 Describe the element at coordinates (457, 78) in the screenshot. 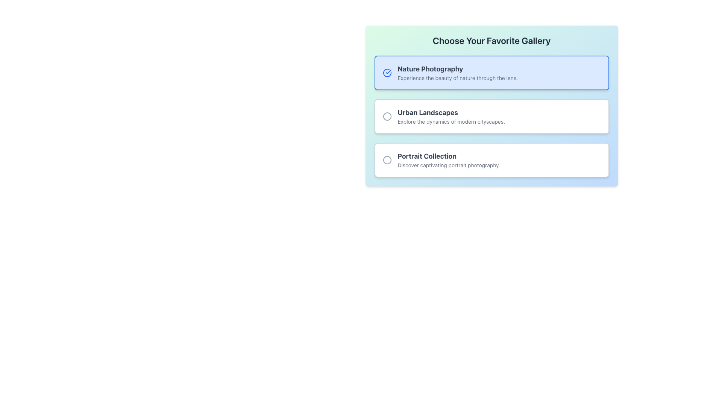

I see `the descriptive text 'Experience the beauty of nature through the lens.' which is located beneath the title 'Nature Photography'` at that location.